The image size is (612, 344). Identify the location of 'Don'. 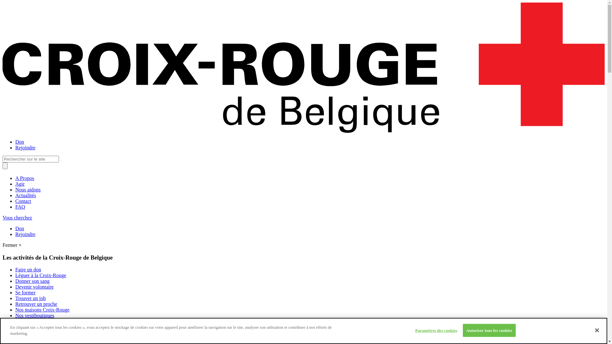
(20, 141).